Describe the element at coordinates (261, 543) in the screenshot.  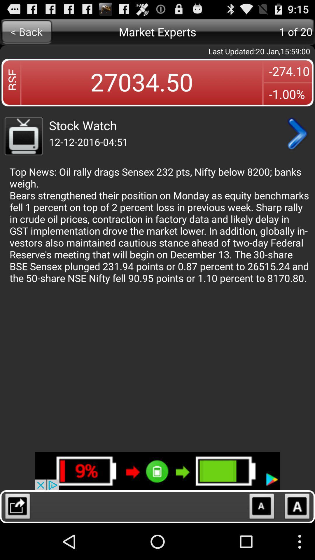
I see `the font icon` at that location.